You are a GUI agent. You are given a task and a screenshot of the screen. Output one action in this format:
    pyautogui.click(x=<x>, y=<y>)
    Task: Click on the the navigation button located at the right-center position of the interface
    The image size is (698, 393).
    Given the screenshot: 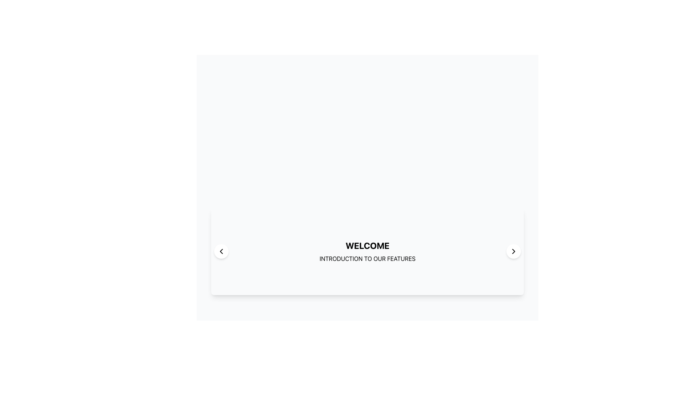 What is the action you would take?
    pyautogui.click(x=513, y=251)
    